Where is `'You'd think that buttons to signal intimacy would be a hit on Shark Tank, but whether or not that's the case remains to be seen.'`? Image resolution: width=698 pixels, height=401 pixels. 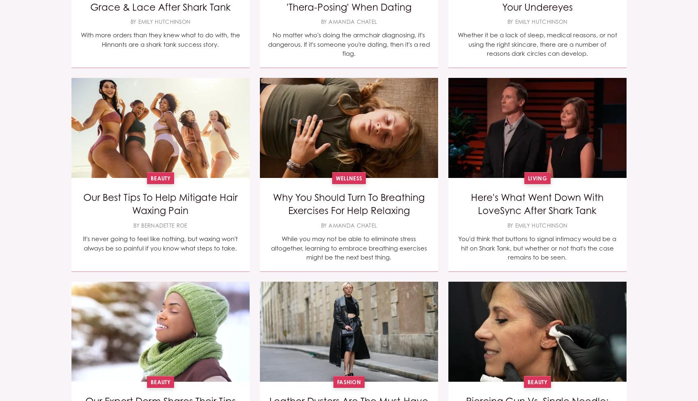
'You'd think that buttons to signal intimacy would be a hit on Shark Tank, but whether or not that's the case remains to be seen.' is located at coordinates (458, 248).